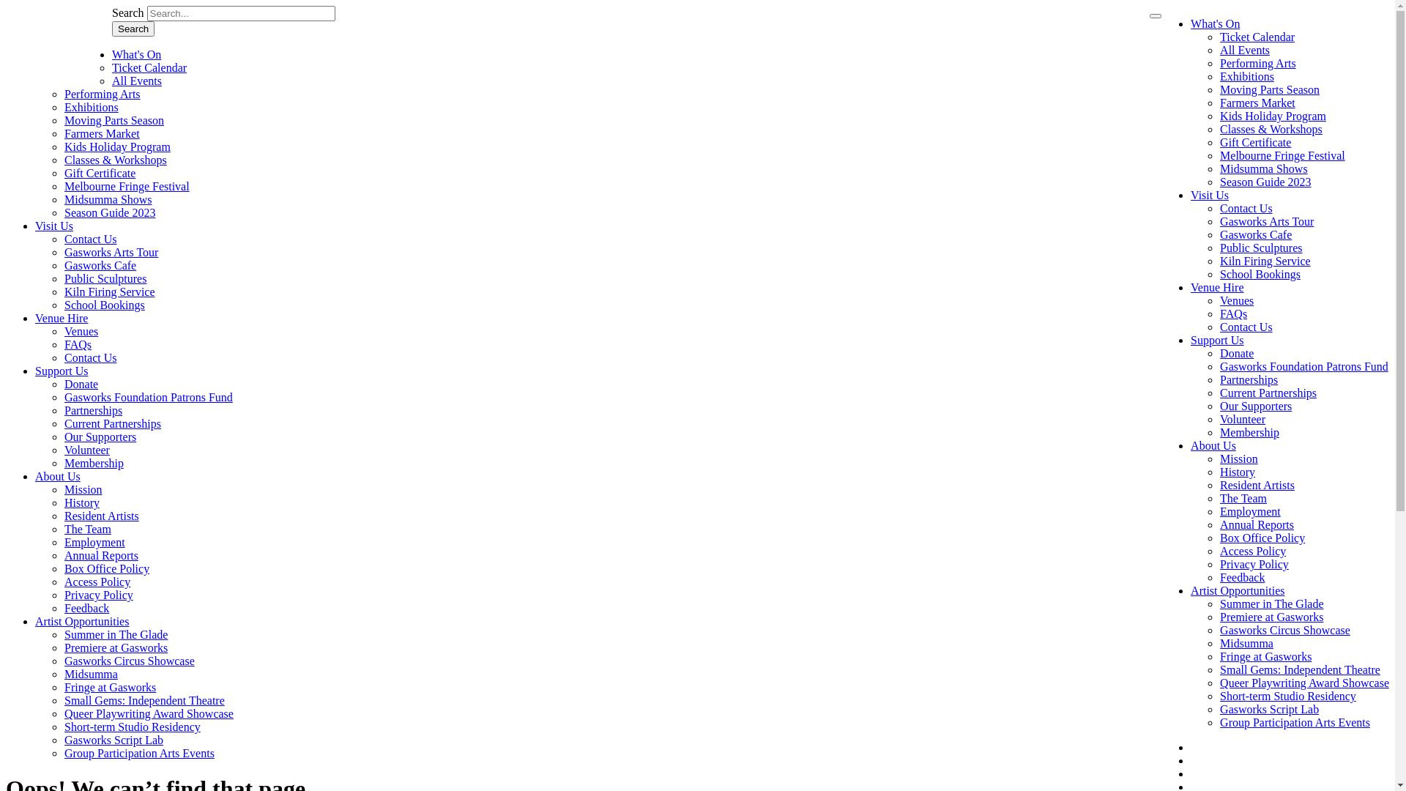 This screenshot has height=791, width=1406. What do you see at coordinates (63, 119) in the screenshot?
I see `'Moving Parts Season'` at bounding box center [63, 119].